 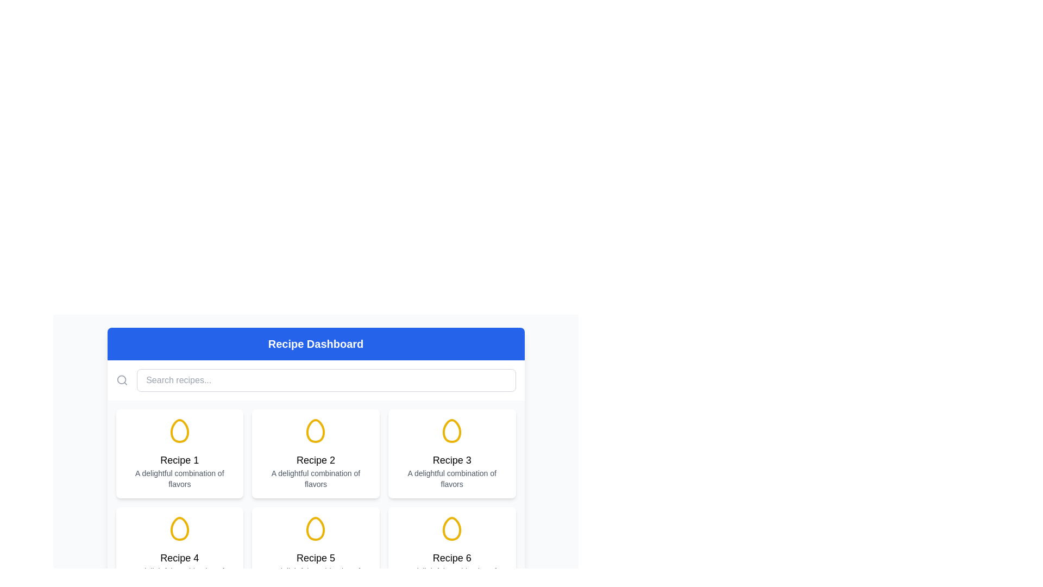 I want to click on the decorative icon representing an egg-related recipe in the first card of the Recipe Dashboard, located above the text titles 'Recipe 1' and 'A delightful combination of flavors', so click(x=179, y=430).